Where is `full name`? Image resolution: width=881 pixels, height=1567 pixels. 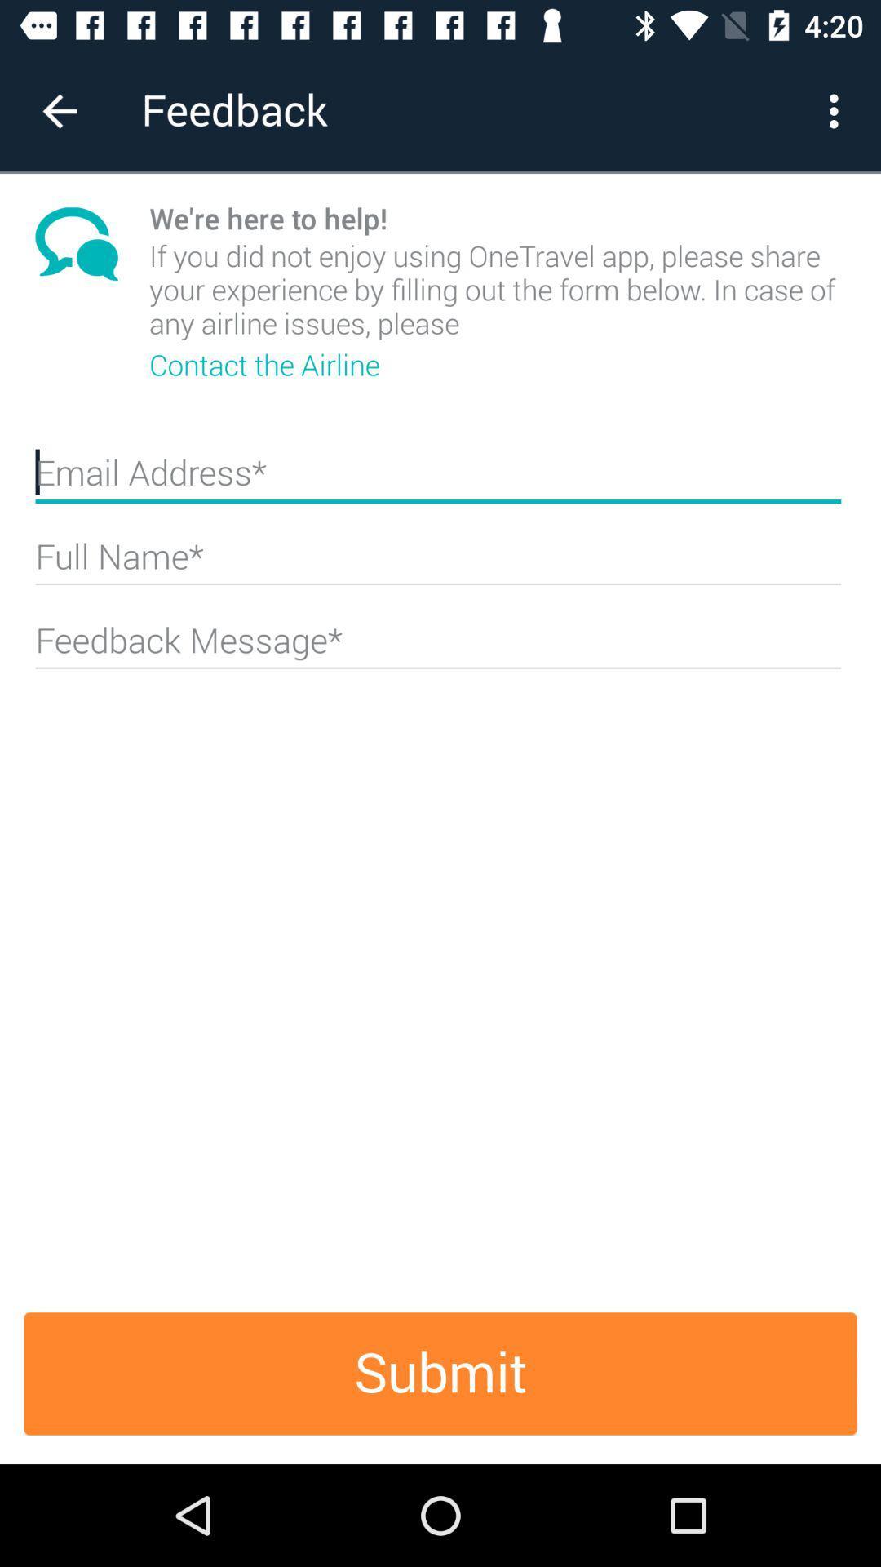 full name is located at coordinates (437, 563).